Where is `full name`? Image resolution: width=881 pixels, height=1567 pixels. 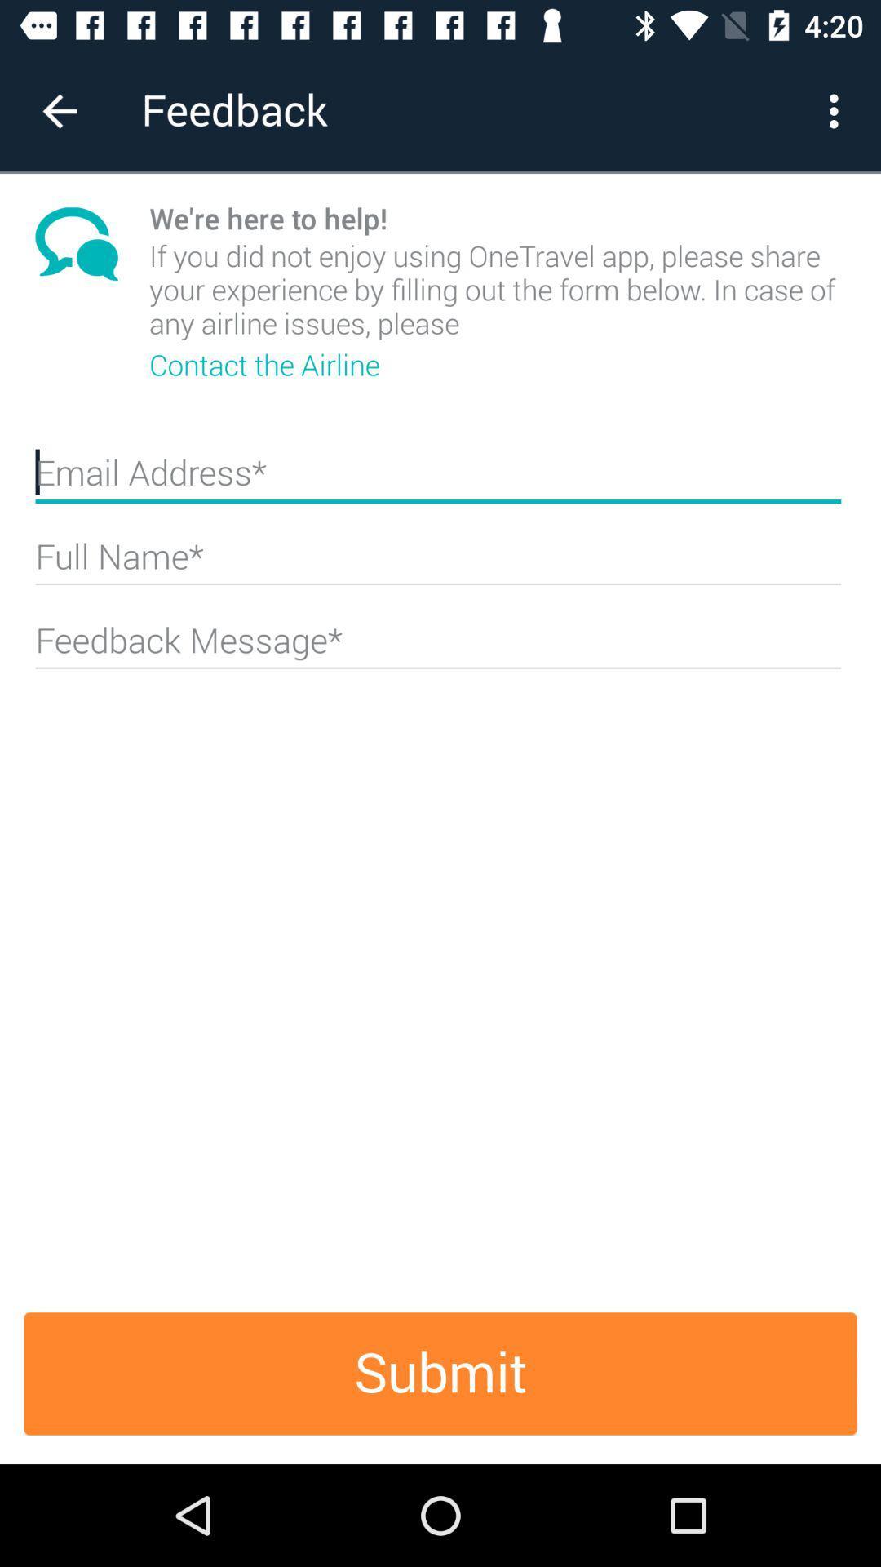 full name is located at coordinates (437, 563).